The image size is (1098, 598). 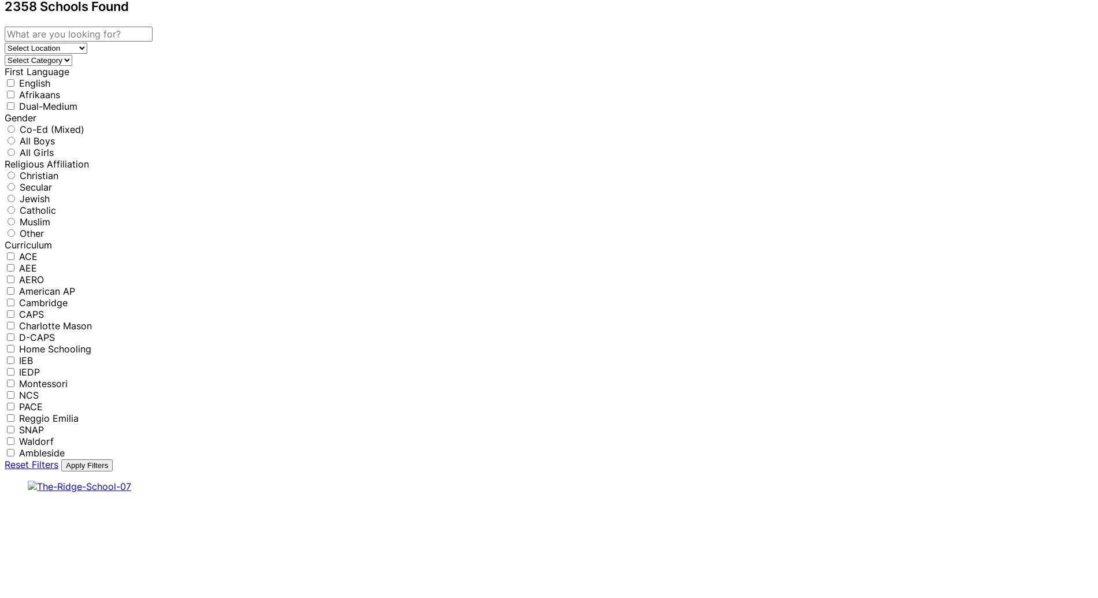 What do you see at coordinates (20, 117) in the screenshot?
I see `'Gender'` at bounding box center [20, 117].